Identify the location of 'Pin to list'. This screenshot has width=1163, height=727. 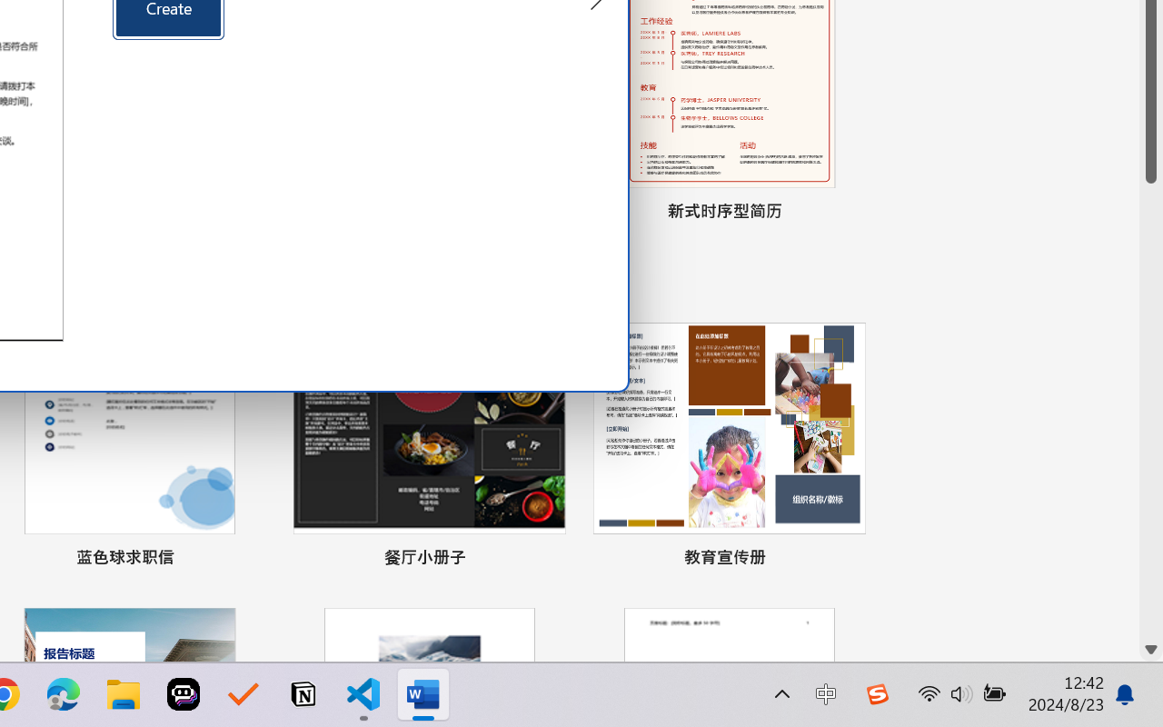
(848, 560).